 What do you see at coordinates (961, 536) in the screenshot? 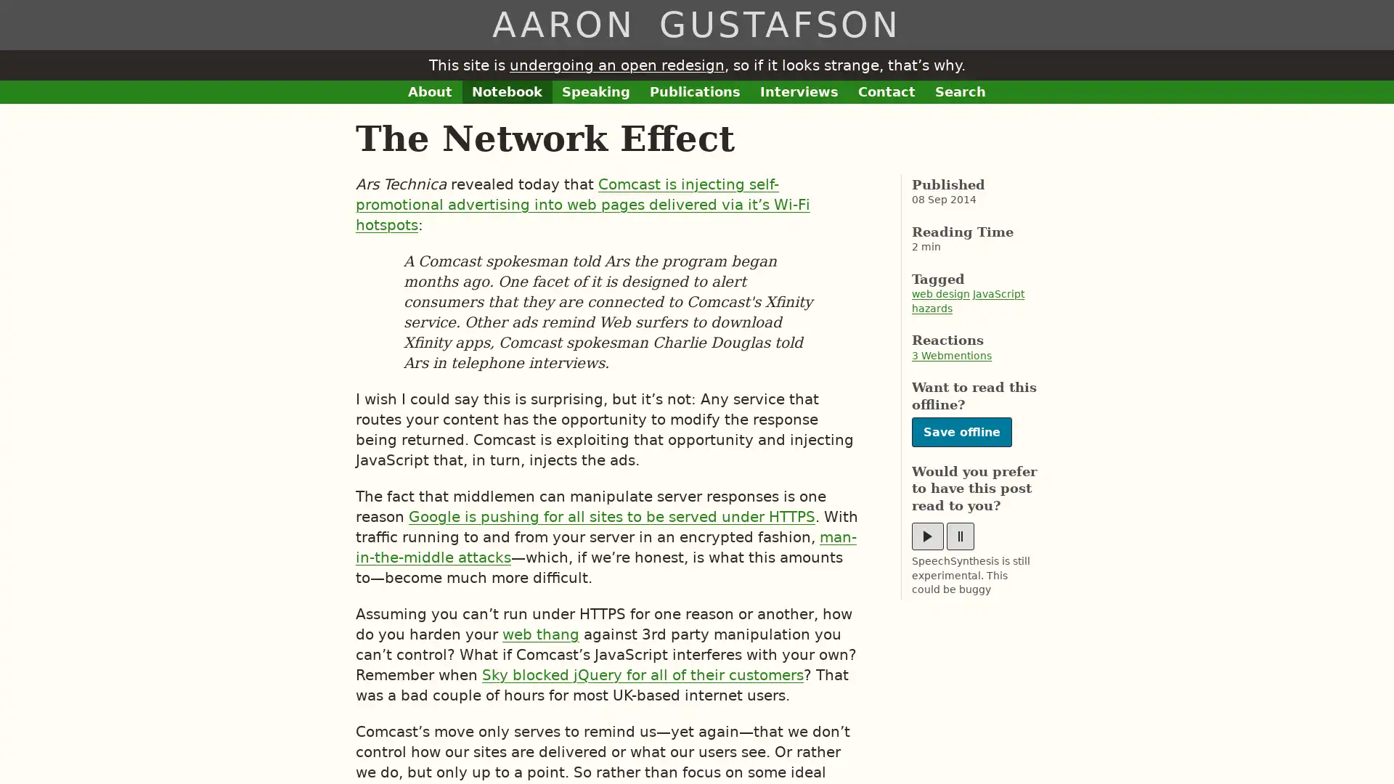
I see `Pause` at bounding box center [961, 536].